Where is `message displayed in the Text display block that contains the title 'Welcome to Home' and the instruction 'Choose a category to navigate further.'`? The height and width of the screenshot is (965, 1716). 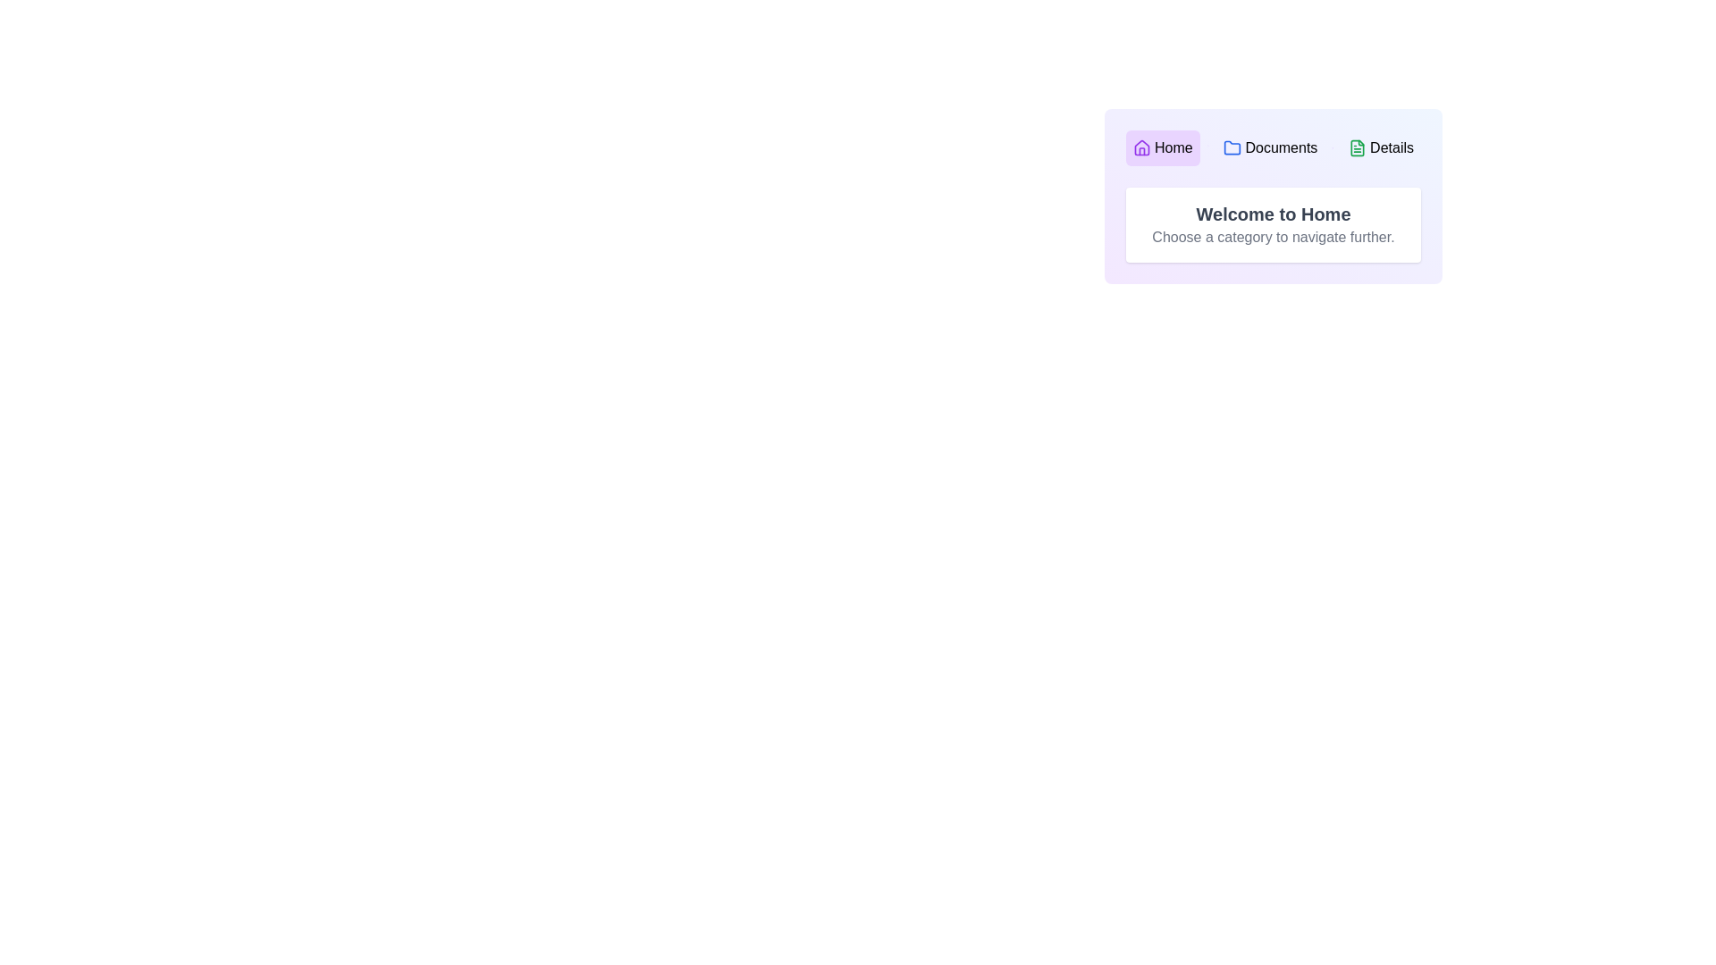 message displayed in the Text display block that contains the title 'Welcome to Home' and the instruction 'Choose a category to navigate further.' is located at coordinates (1273, 223).